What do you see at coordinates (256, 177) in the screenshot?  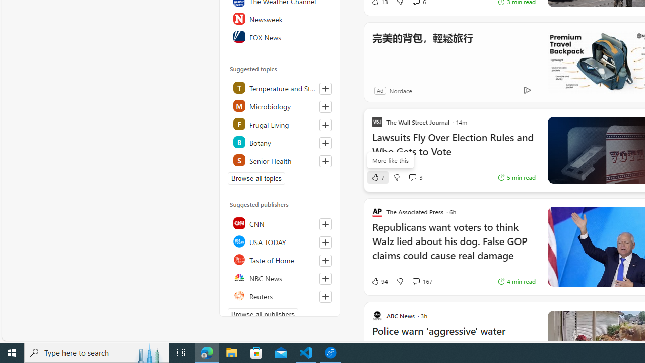 I see `'Browse all topics'` at bounding box center [256, 177].